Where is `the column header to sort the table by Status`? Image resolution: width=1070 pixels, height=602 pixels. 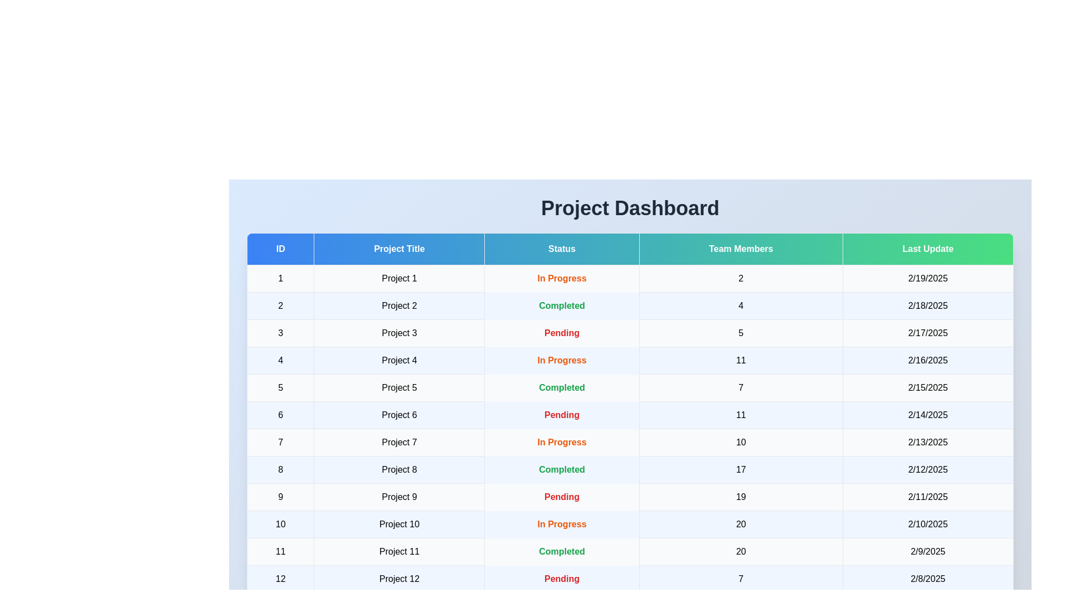
the column header to sort the table by Status is located at coordinates (562, 249).